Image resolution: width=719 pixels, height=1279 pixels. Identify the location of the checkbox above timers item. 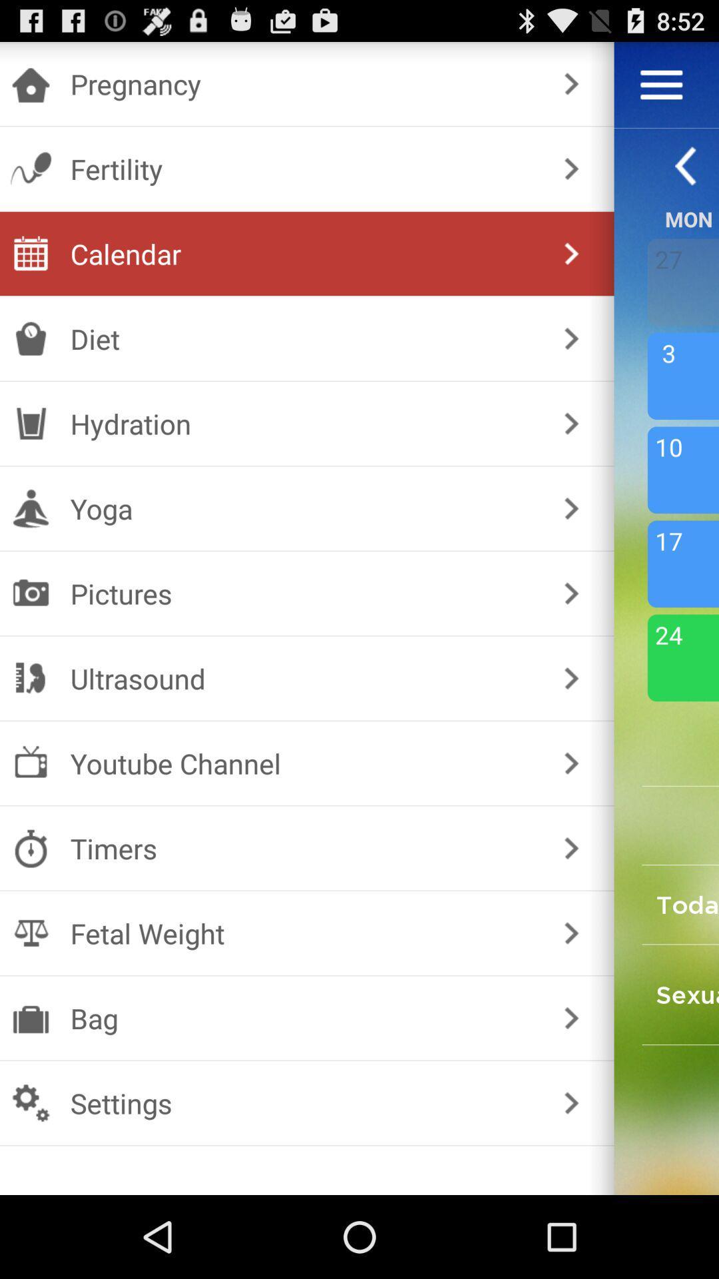
(304, 763).